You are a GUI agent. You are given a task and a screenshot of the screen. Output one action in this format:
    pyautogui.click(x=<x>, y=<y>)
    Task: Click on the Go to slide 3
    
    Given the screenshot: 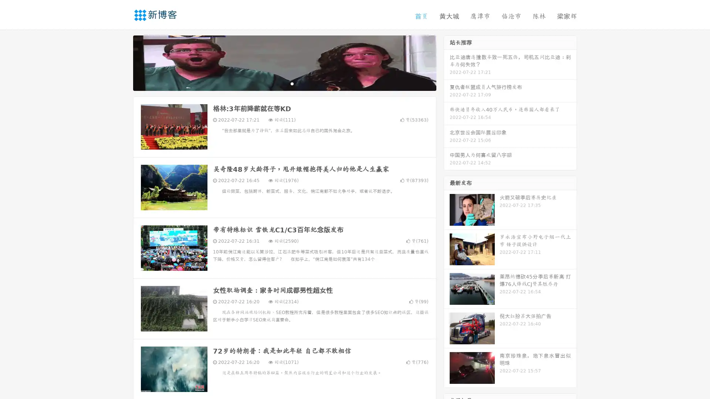 What is the action you would take?
    pyautogui.click(x=292, y=83)
    